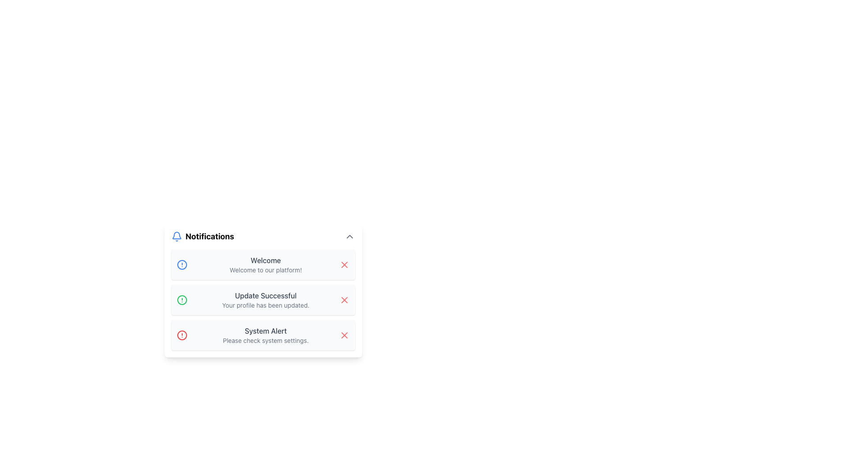  What do you see at coordinates (181, 264) in the screenshot?
I see `the circular blue-stroked warning icon located to the left of the 'Welcome' text in the notification card for more information` at bounding box center [181, 264].